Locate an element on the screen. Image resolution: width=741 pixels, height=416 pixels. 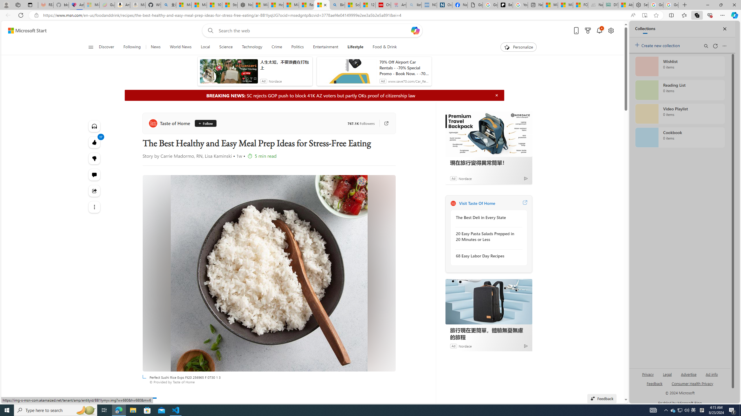
'Microsoft rewards' is located at coordinates (588, 31).